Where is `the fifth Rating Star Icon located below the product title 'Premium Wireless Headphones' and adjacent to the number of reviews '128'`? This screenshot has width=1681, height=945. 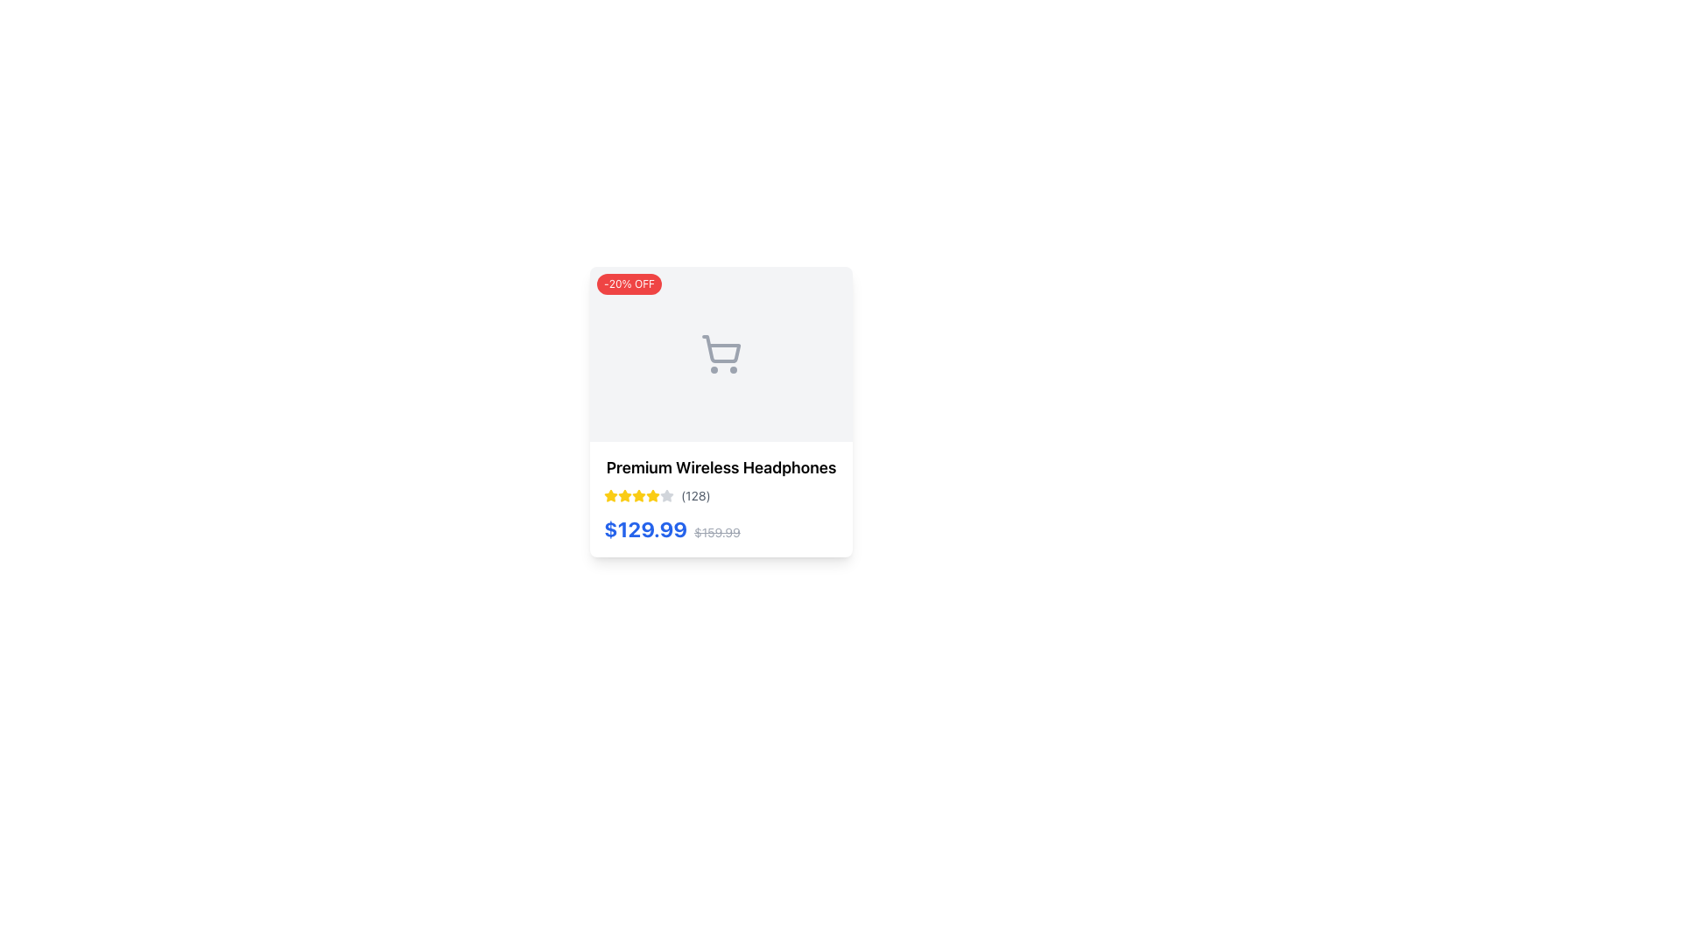
the fifth Rating Star Icon located below the product title 'Premium Wireless Headphones' and adjacent to the number of reviews '128' is located at coordinates (666, 495).